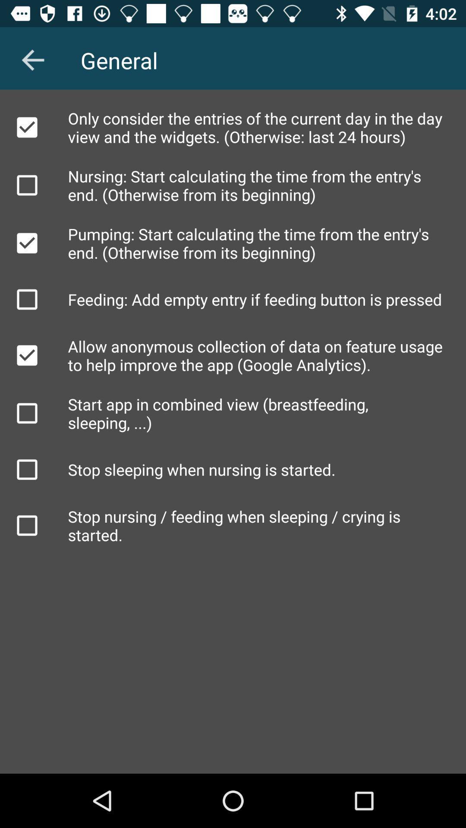 This screenshot has height=828, width=466. I want to click on option, so click(26, 525).